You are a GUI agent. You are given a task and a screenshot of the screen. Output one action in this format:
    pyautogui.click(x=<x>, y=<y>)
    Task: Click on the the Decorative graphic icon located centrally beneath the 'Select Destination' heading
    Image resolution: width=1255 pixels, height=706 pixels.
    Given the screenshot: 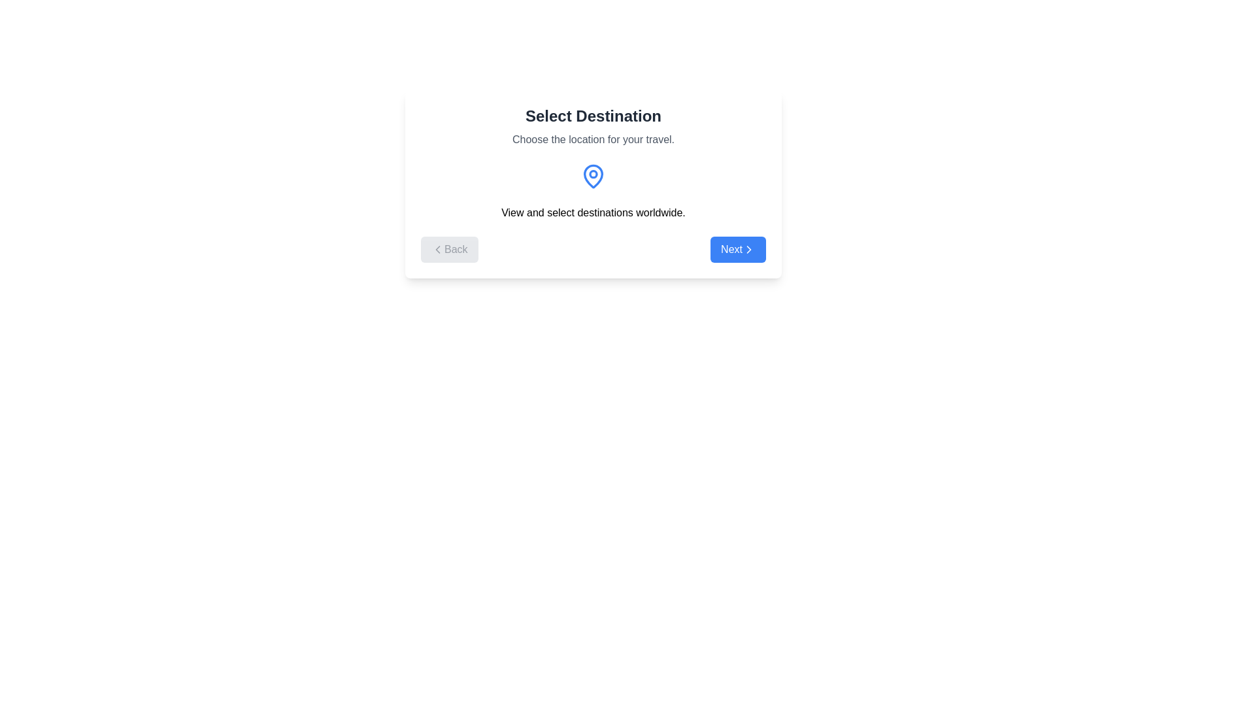 What is the action you would take?
    pyautogui.click(x=592, y=176)
    